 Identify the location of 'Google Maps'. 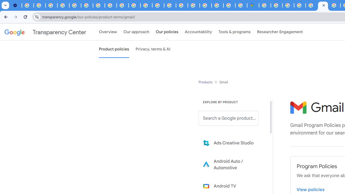
(253, 5).